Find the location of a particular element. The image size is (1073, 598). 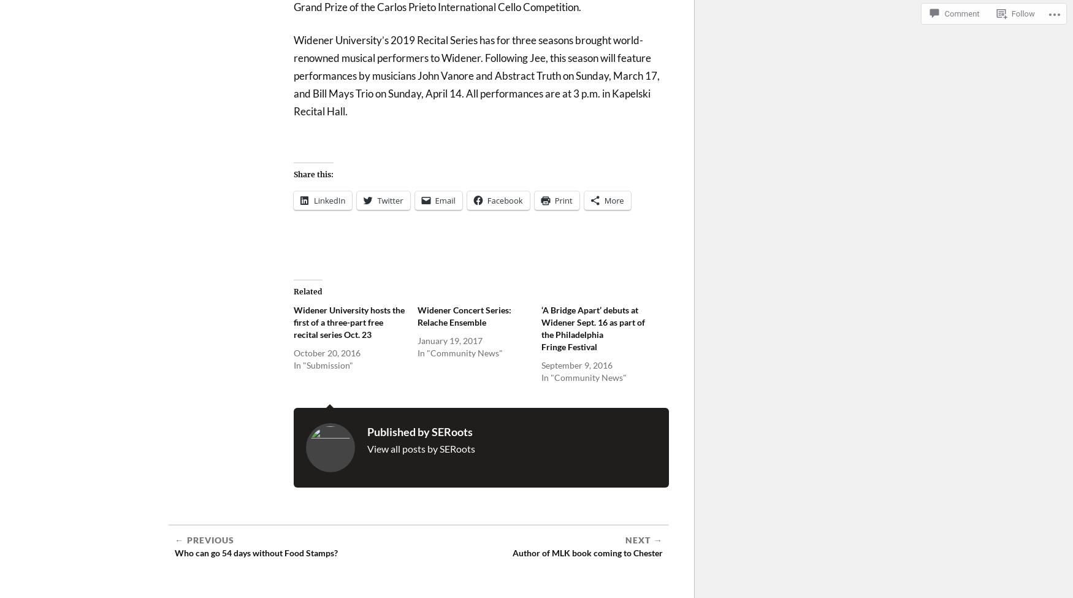

'Related' is located at coordinates (307, 291).